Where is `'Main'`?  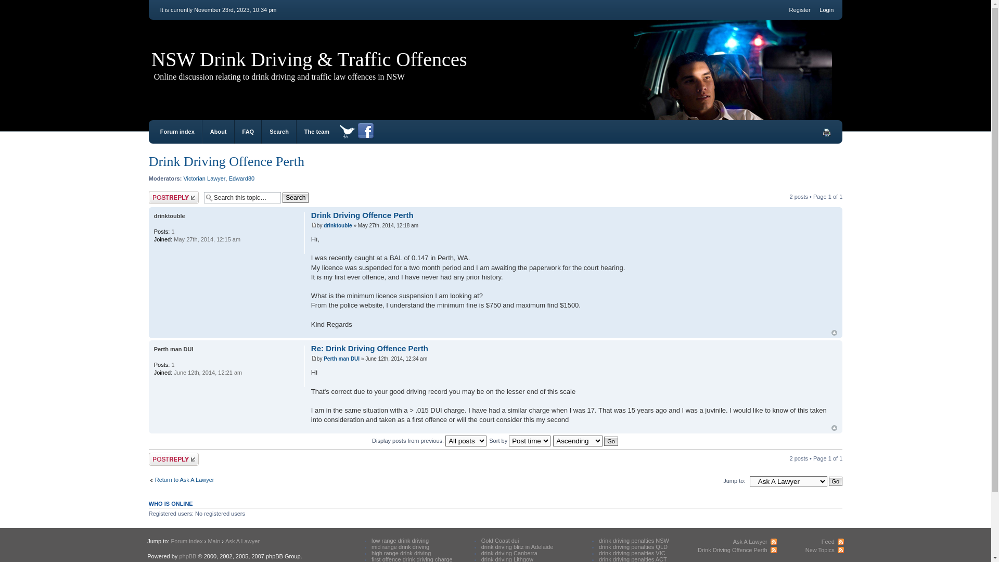
'Main' is located at coordinates (213, 541).